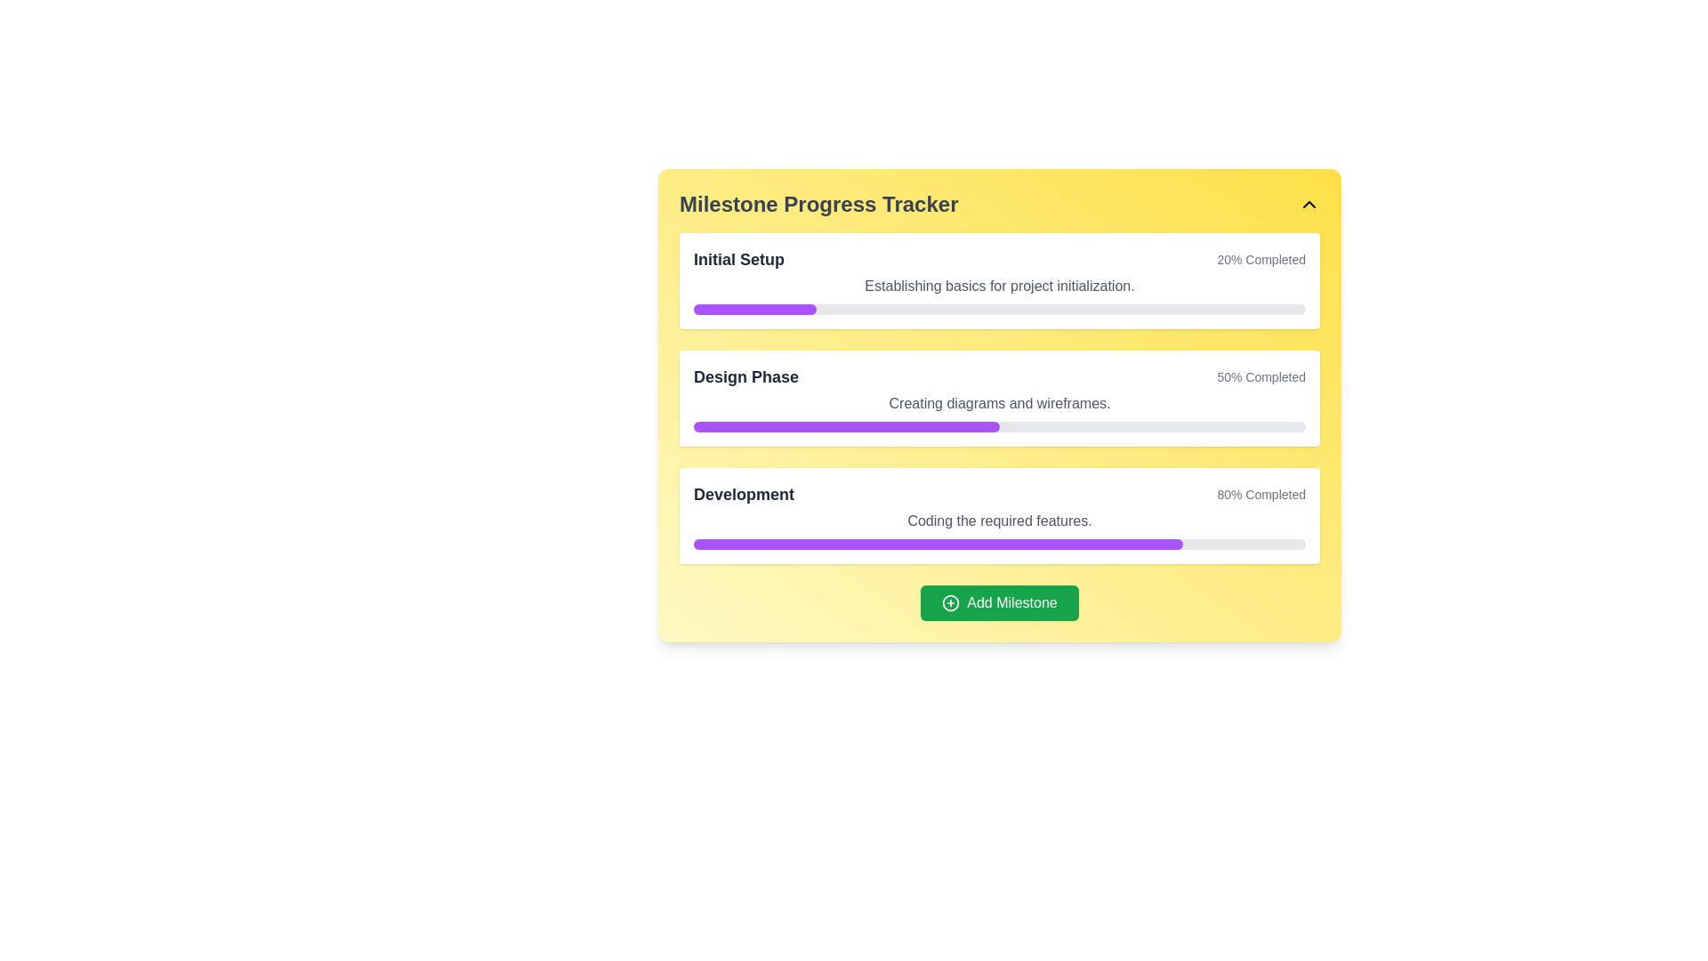  What do you see at coordinates (999, 397) in the screenshot?
I see `texts from the Progress card, which is the middle card in a vertical list of three, positioned between 'Initial Setup' and 'Development'` at bounding box center [999, 397].